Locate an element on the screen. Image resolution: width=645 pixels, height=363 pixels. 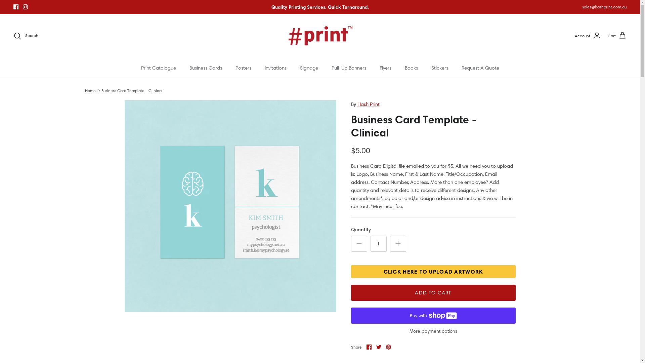
'Flyers' is located at coordinates (373, 68).